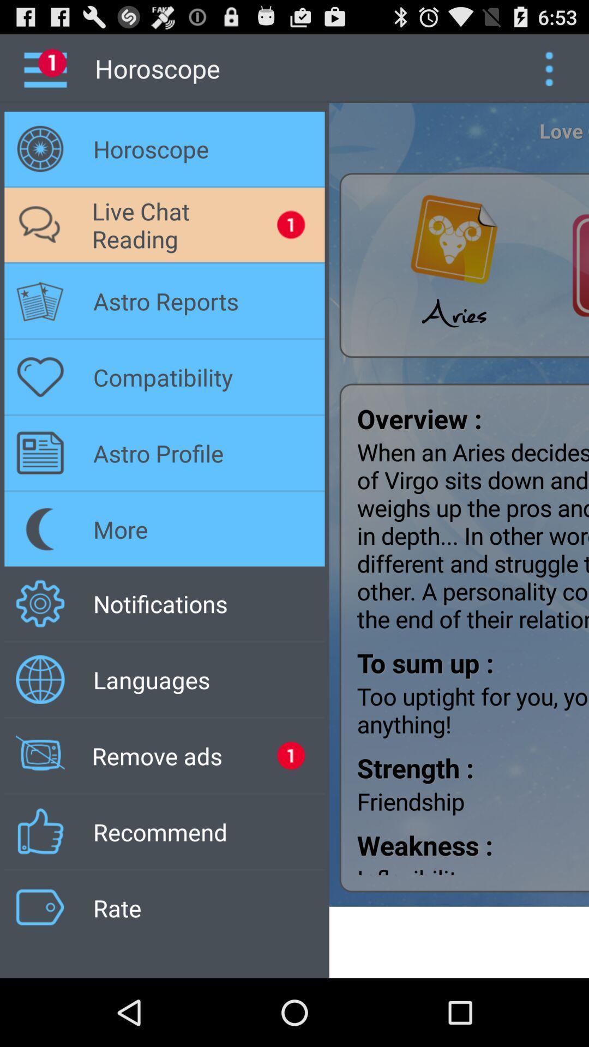  I want to click on the app next to rate icon, so click(459, 942).